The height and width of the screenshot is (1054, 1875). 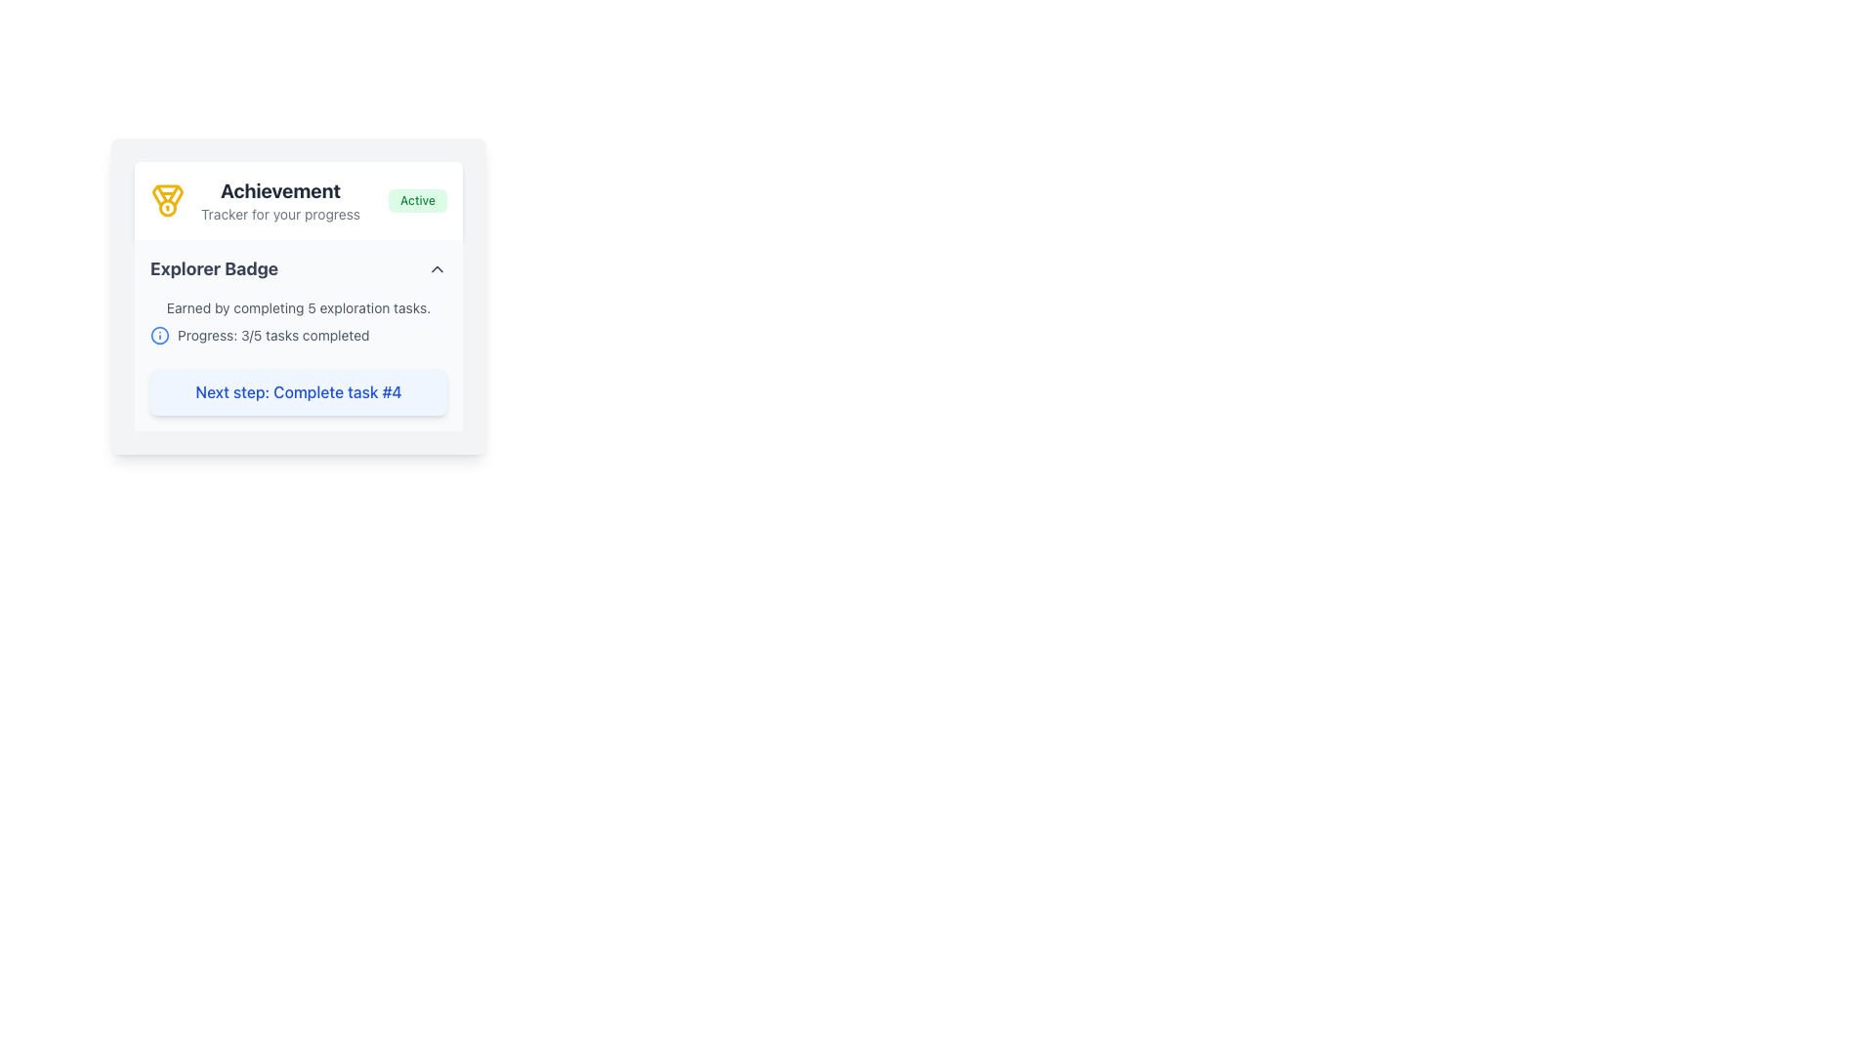 What do you see at coordinates (279, 214) in the screenshot?
I see `the text element styled in small gray font that reads 'Tracker for your progress', located directly below the bold 'Achievement' text` at bounding box center [279, 214].